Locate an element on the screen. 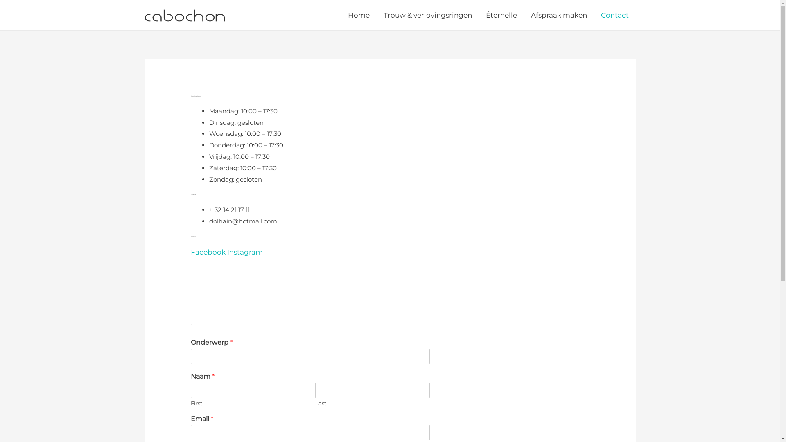 Image resolution: width=786 pixels, height=442 pixels. 'Home' is located at coordinates (358, 15).